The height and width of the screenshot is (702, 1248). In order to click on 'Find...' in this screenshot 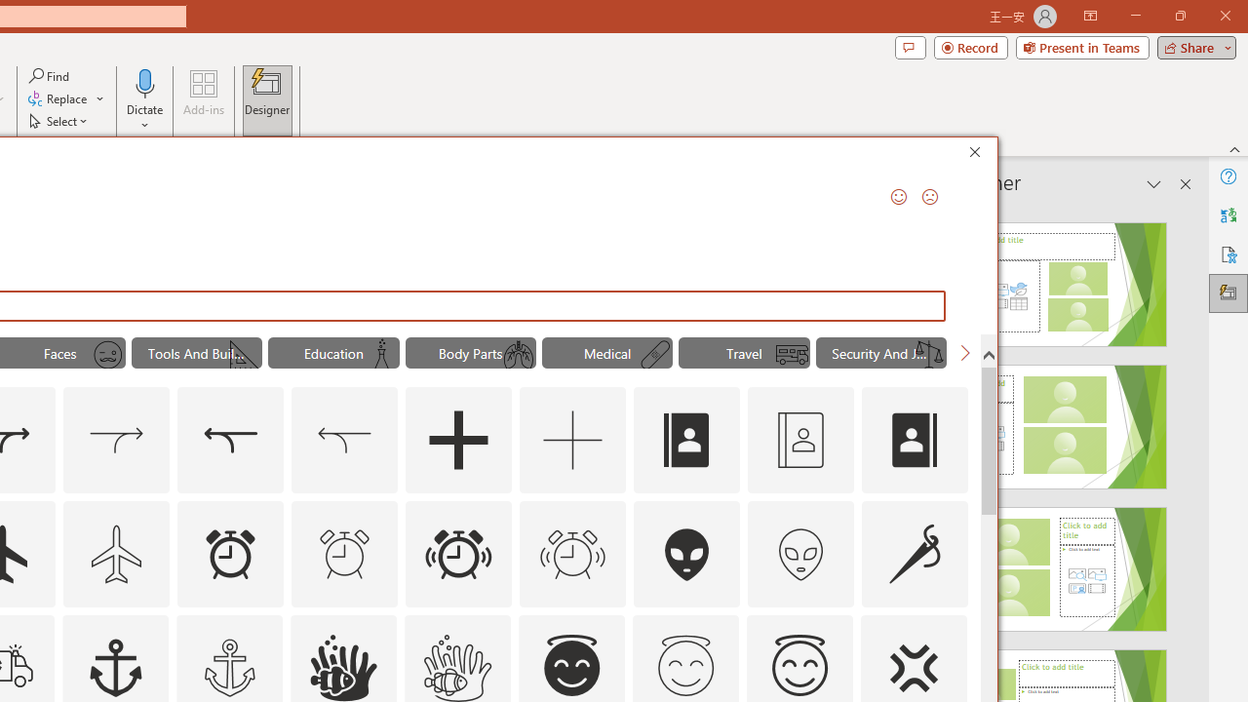, I will do `click(50, 75)`.